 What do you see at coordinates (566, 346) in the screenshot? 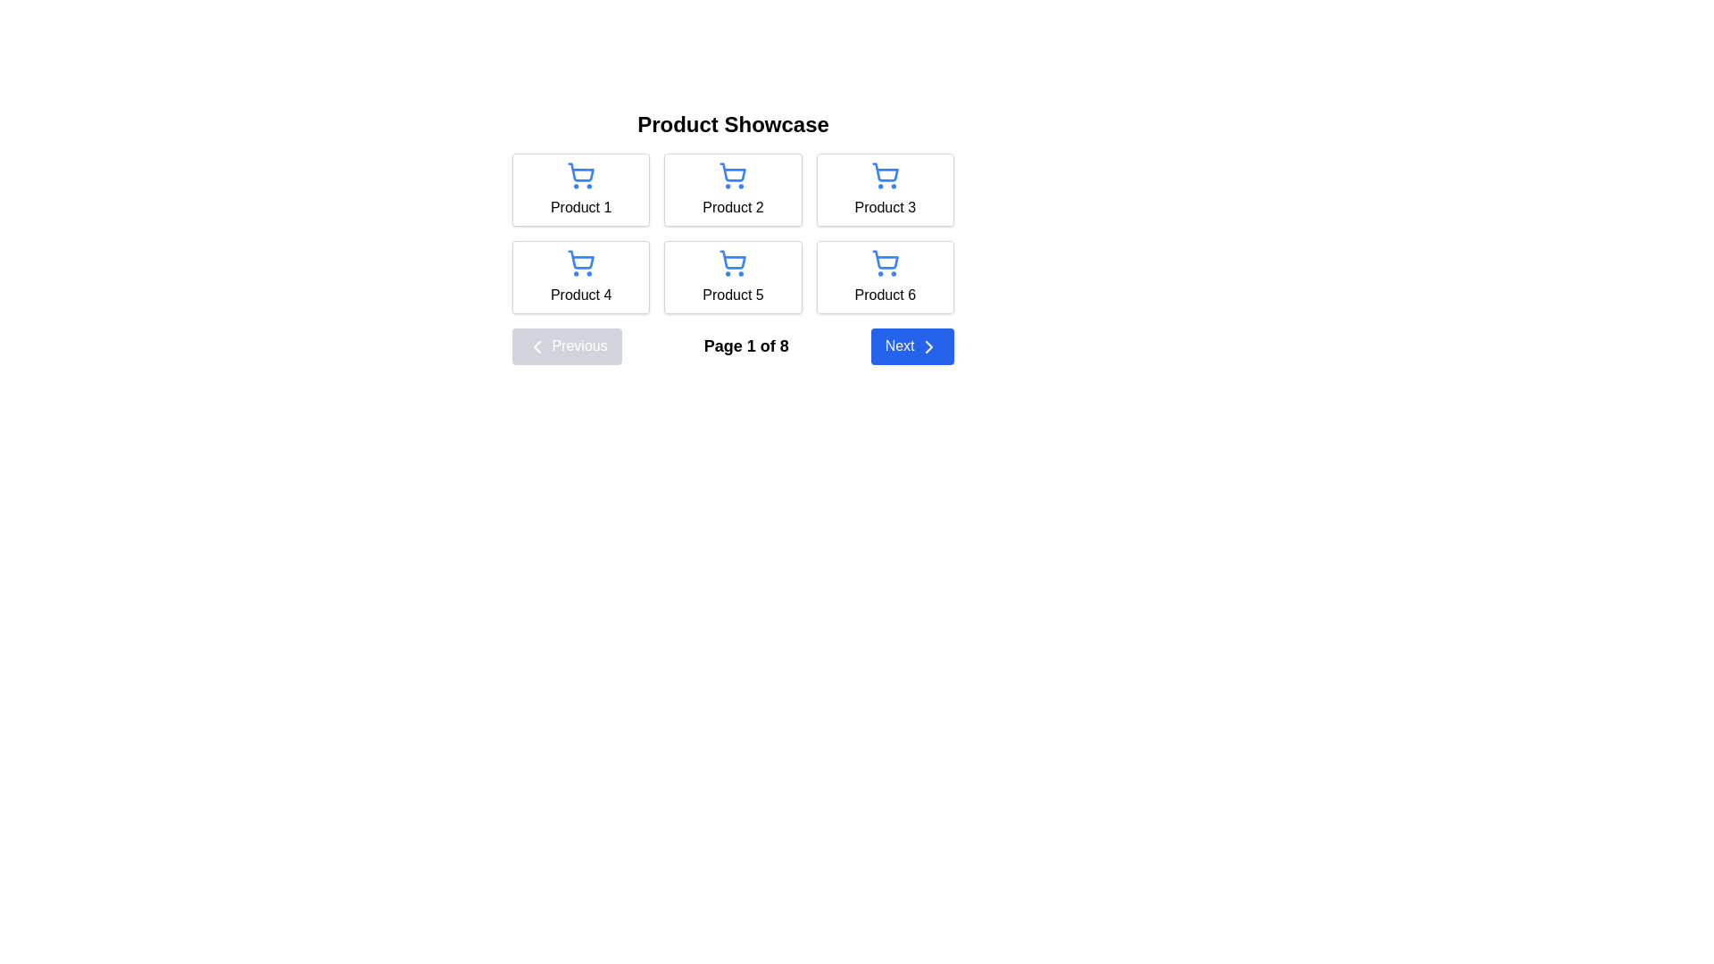
I see `the button that allows users` at bounding box center [566, 346].